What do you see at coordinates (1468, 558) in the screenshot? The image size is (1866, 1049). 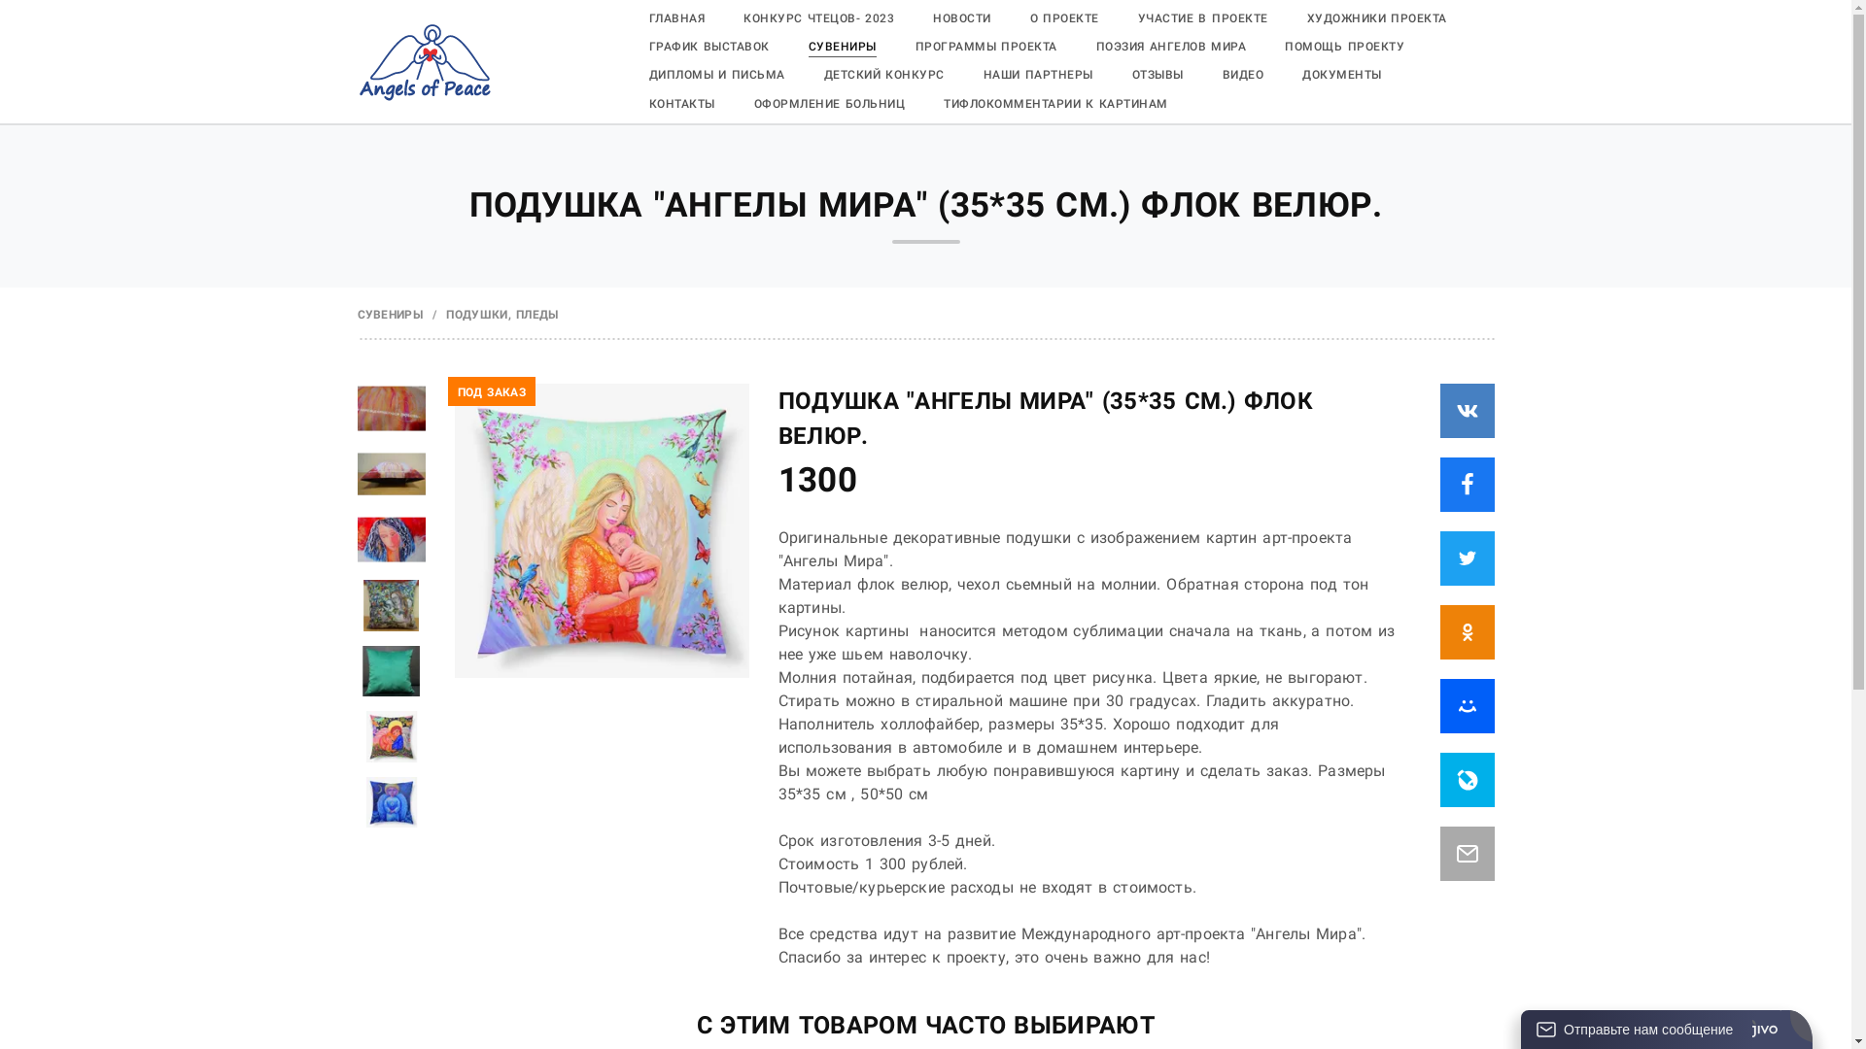 I see `'share_link_twitter'` at bounding box center [1468, 558].